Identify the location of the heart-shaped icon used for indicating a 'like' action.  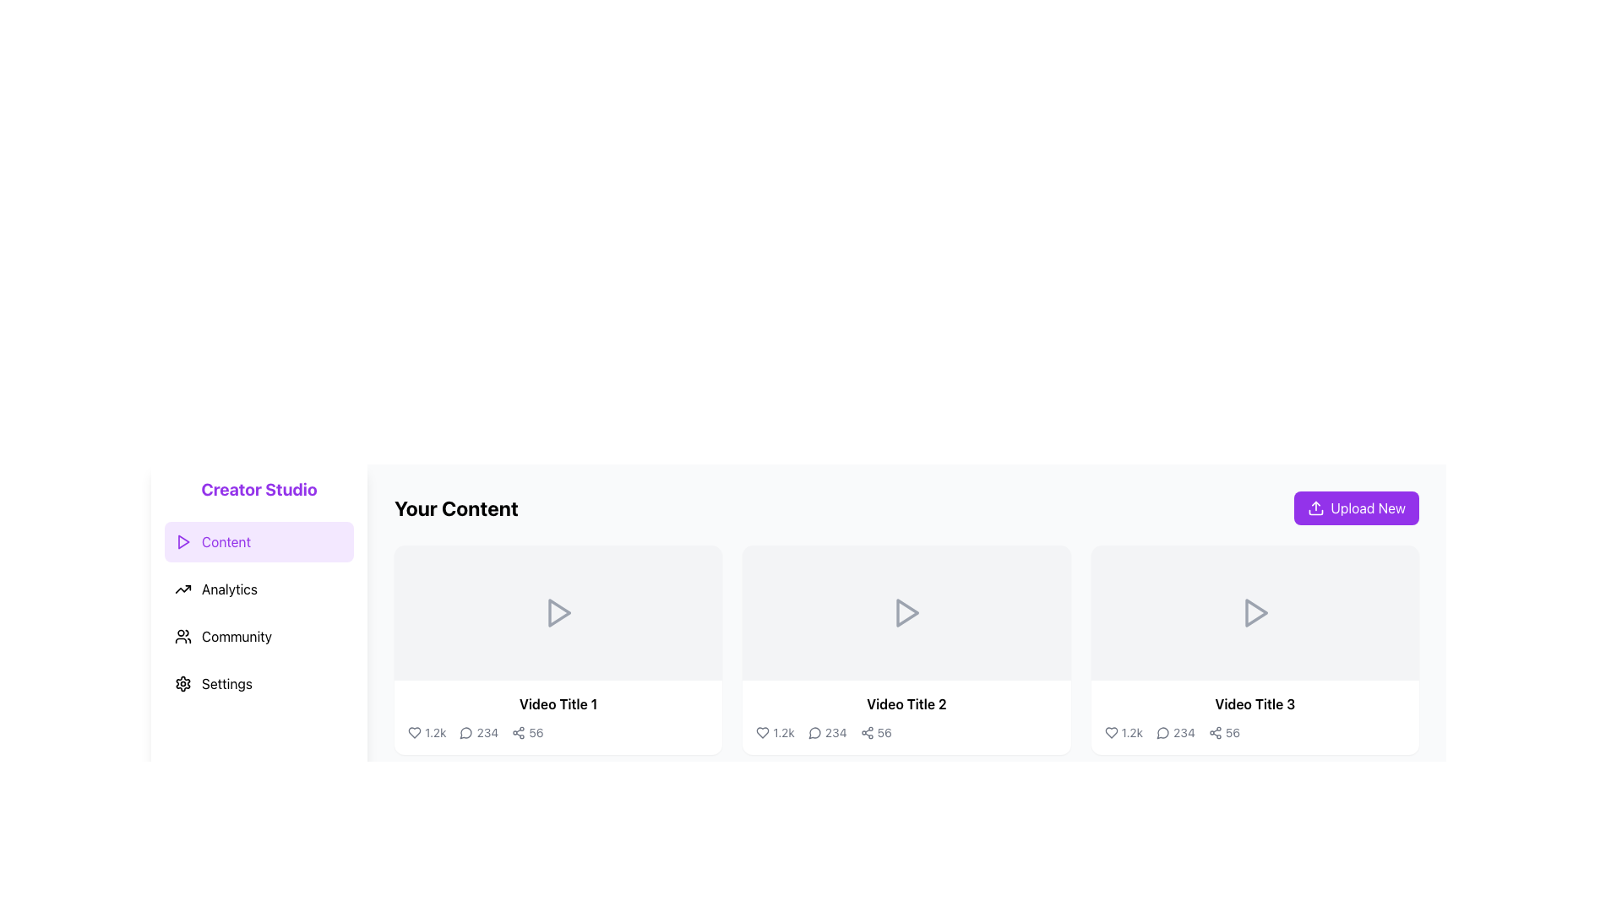
(762, 731).